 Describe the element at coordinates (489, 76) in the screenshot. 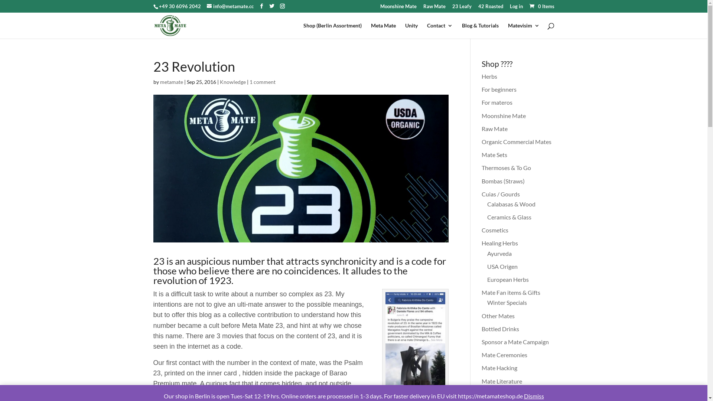

I see `'Herbs'` at that location.